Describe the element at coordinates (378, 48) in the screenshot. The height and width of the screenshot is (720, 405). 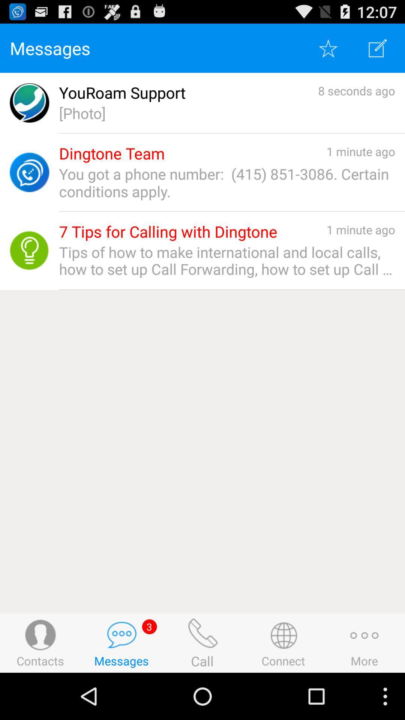
I see `write option` at that location.